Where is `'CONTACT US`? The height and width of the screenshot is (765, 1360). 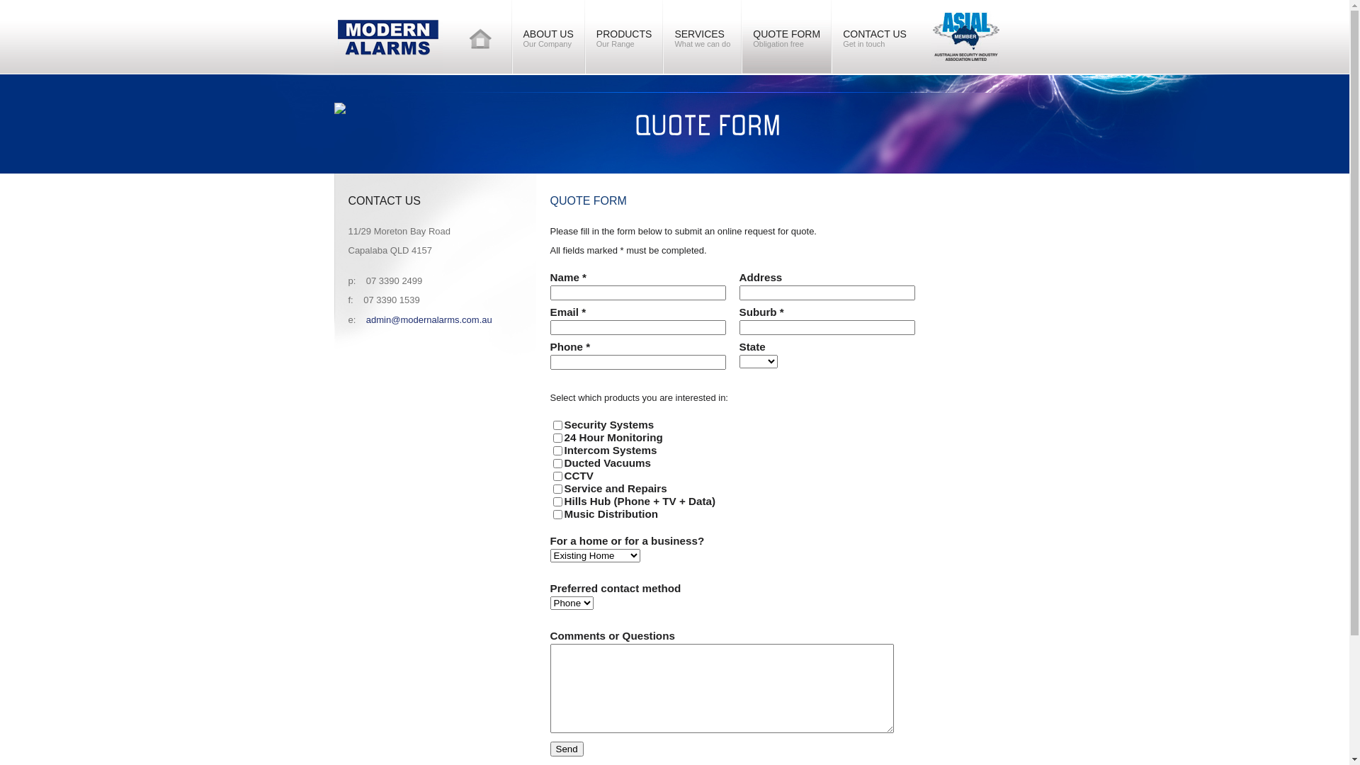 'CONTACT US is located at coordinates (873, 35).